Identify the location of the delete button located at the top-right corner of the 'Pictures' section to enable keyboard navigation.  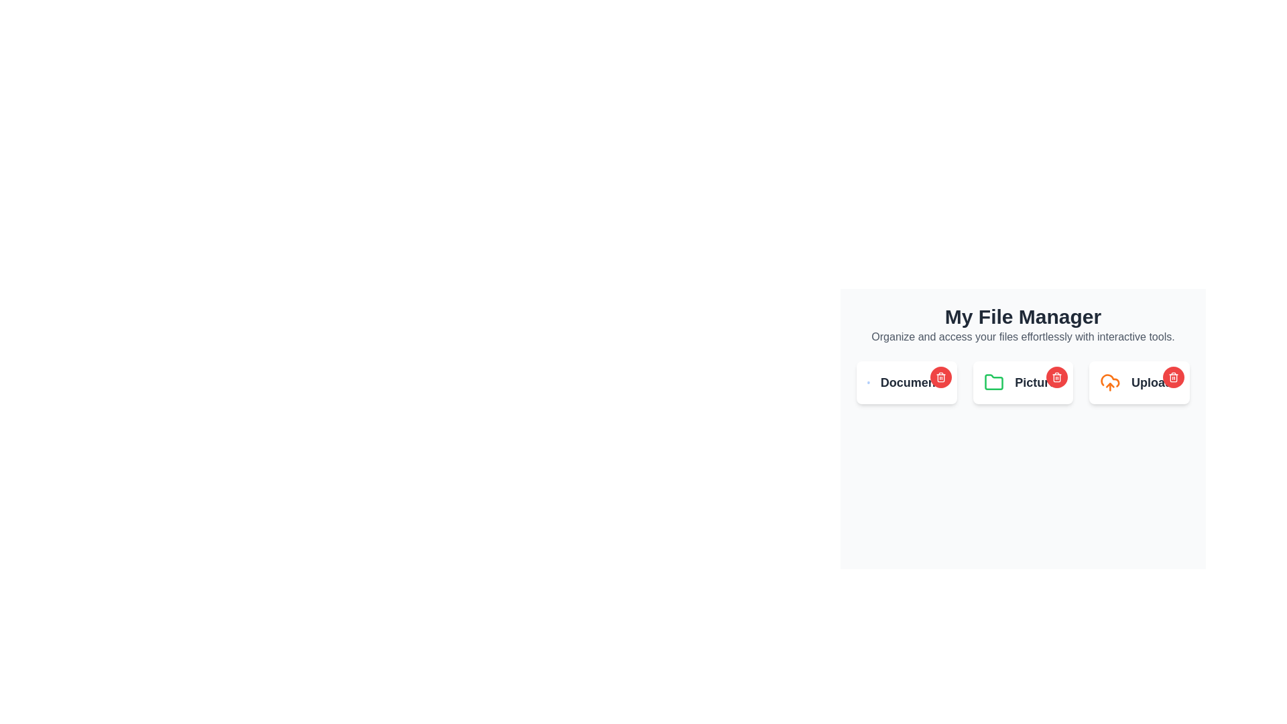
(1056, 377).